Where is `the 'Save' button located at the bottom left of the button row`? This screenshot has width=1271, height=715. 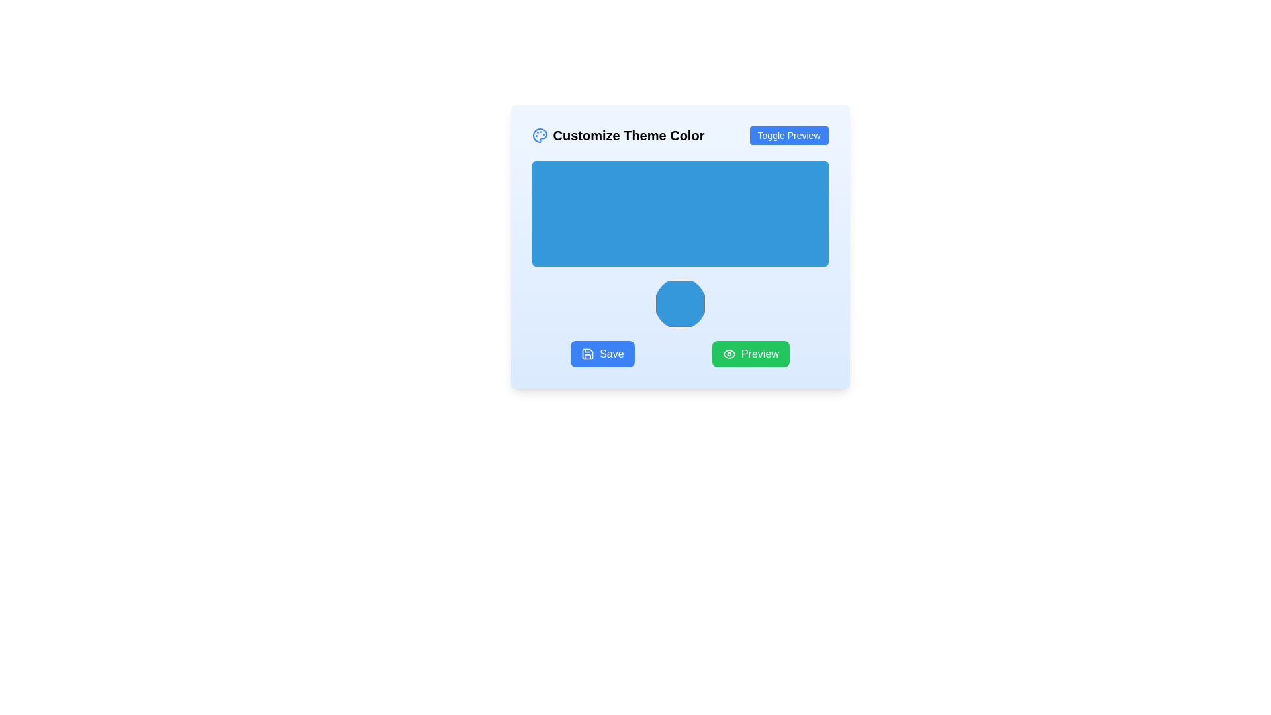
the 'Save' button located at the bottom left of the button row is located at coordinates (602, 354).